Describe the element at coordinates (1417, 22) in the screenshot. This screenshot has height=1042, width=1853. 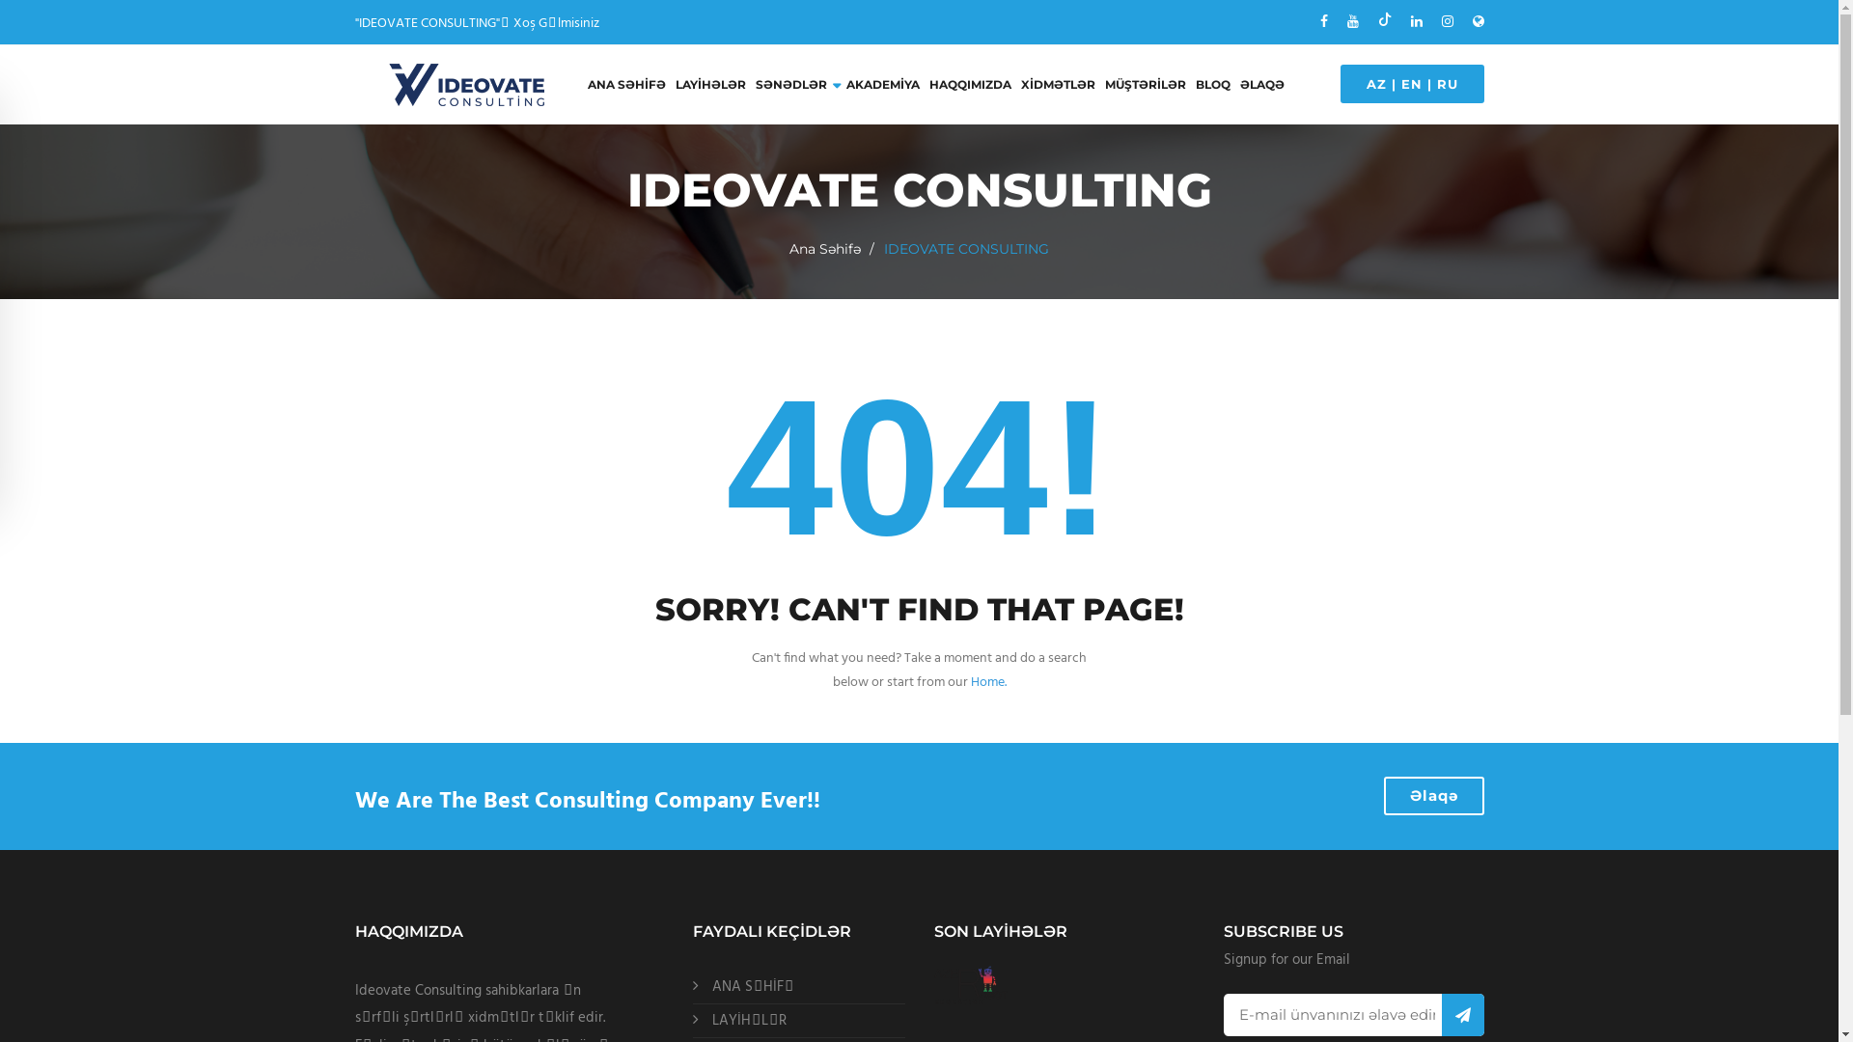
I see `'linkedin'` at that location.